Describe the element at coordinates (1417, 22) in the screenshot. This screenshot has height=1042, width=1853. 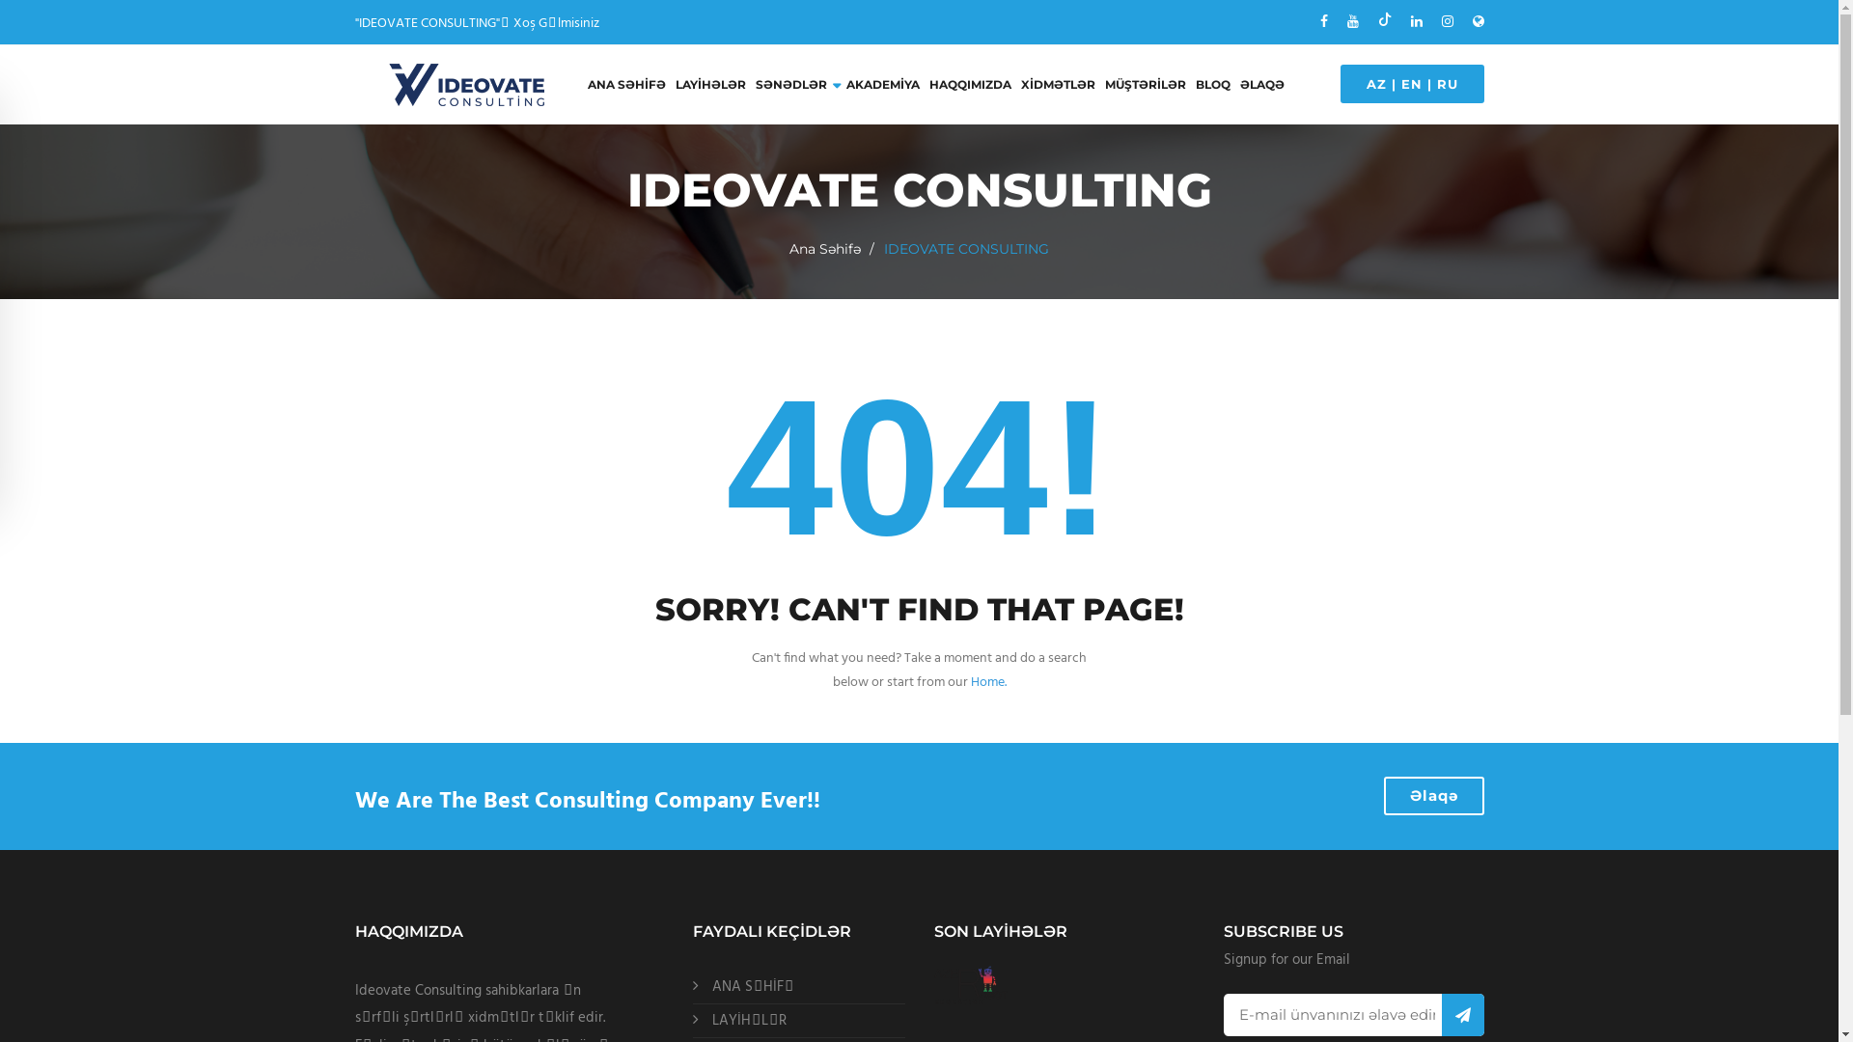
I see `'linkedin'` at that location.